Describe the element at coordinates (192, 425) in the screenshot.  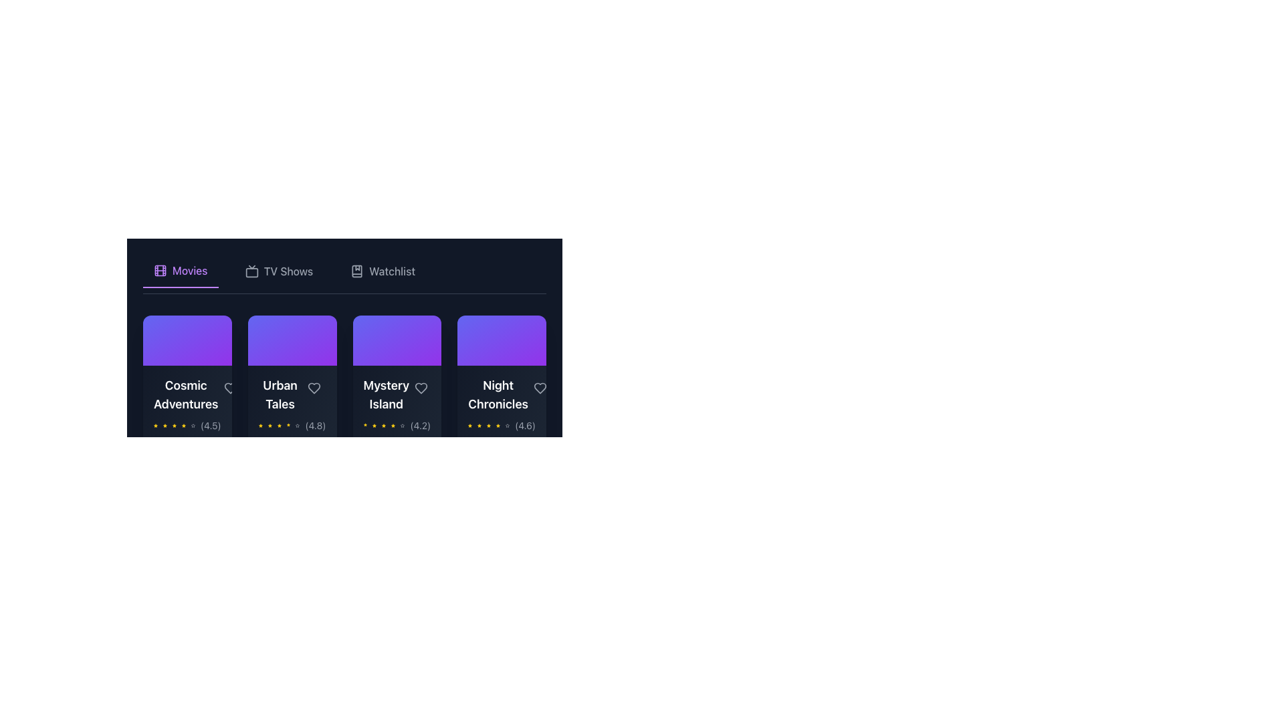
I see `the fifth star icon used for rating purposes, which is grayish and indicates an unrated state, located in the footer of the content card for 'Cosmic Adventures'` at that location.